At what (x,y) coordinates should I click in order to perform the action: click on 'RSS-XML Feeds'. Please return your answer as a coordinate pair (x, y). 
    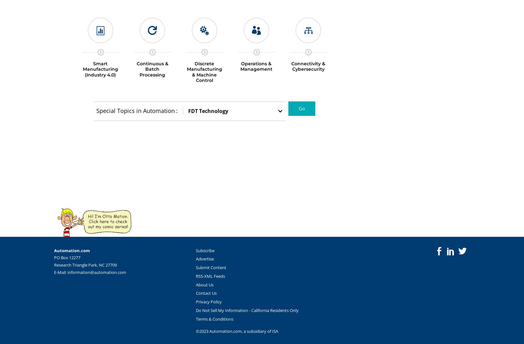
    Looking at the image, I should click on (210, 276).